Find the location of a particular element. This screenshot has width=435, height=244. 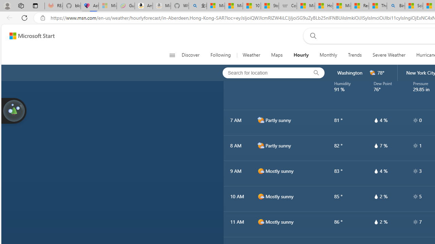

'Class: button-glyph' is located at coordinates (172, 55).